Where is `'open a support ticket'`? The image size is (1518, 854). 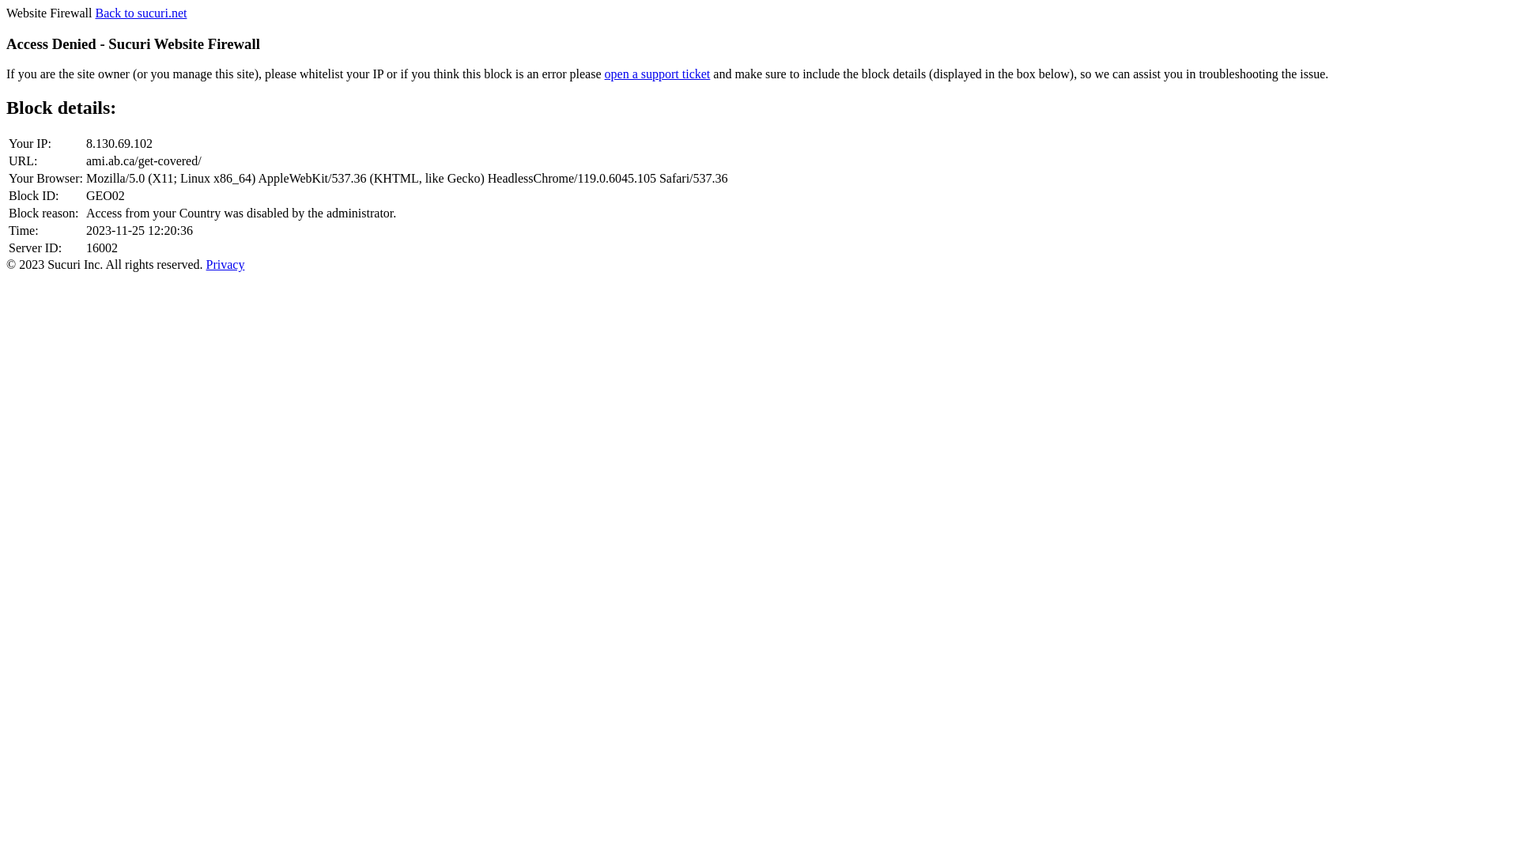
'open a support ticket' is located at coordinates (657, 74).